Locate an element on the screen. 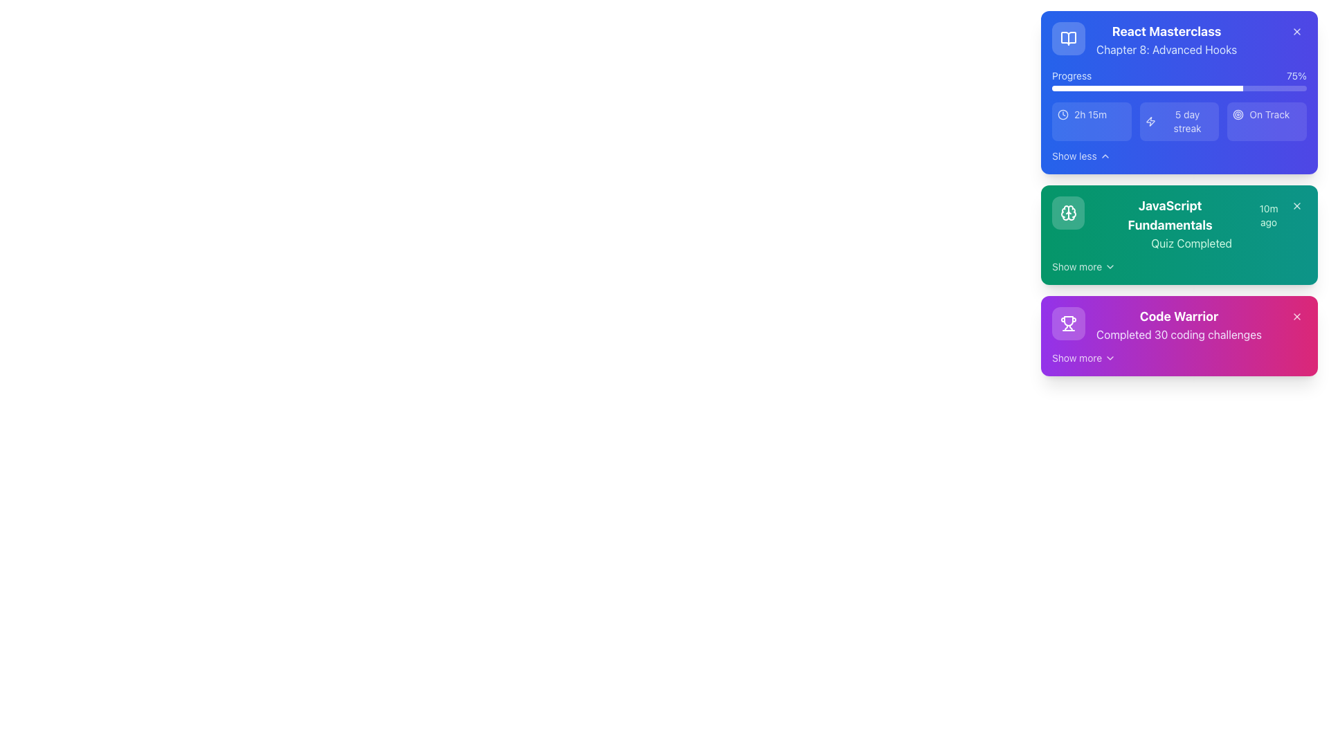 The image size is (1329, 747). the circular button with a purple gradient background containing a white trophy icon, located in the 'Code Warrior' card at the bottom left of the interface is located at coordinates (1068, 323).